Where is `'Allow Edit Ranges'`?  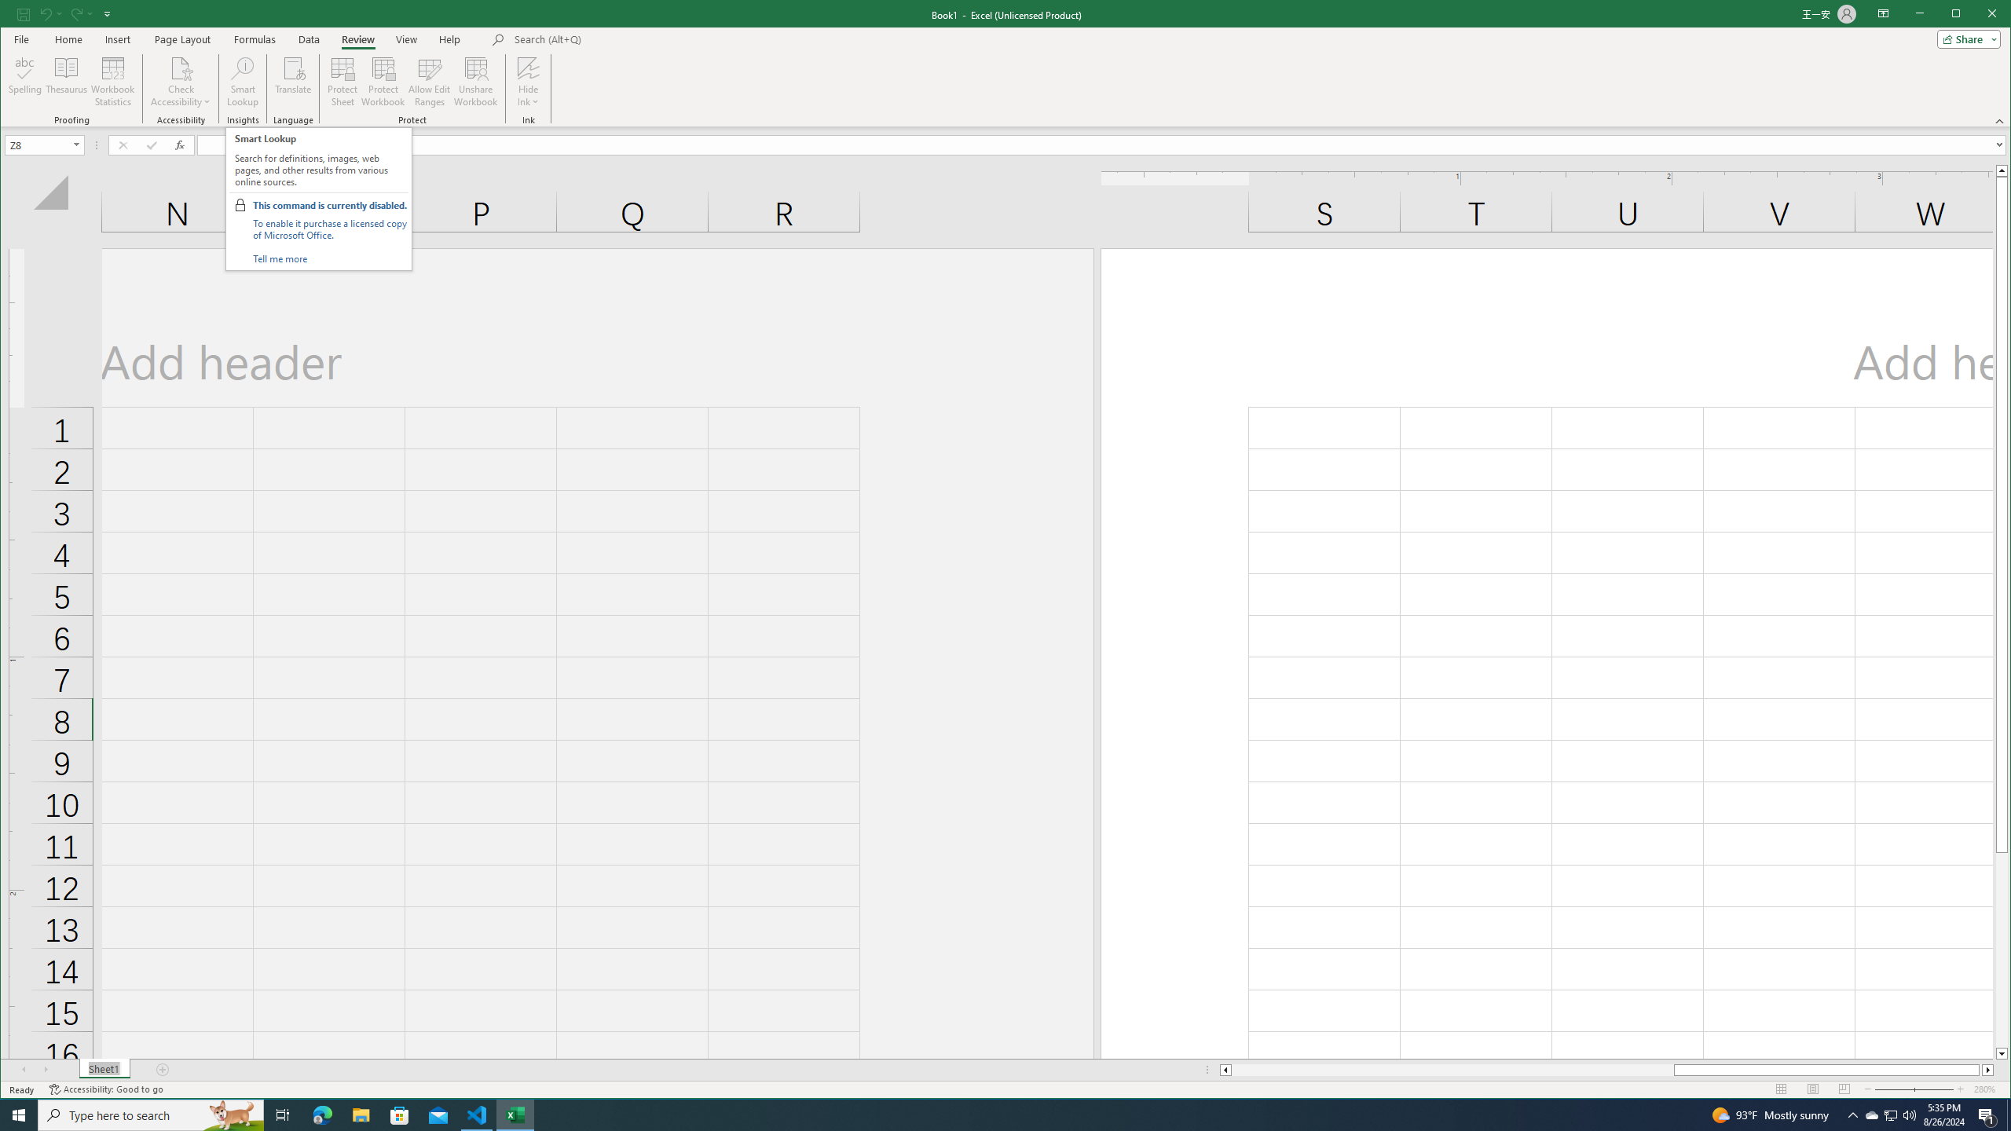 'Allow Edit Ranges' is located at coordinates (429, 81).